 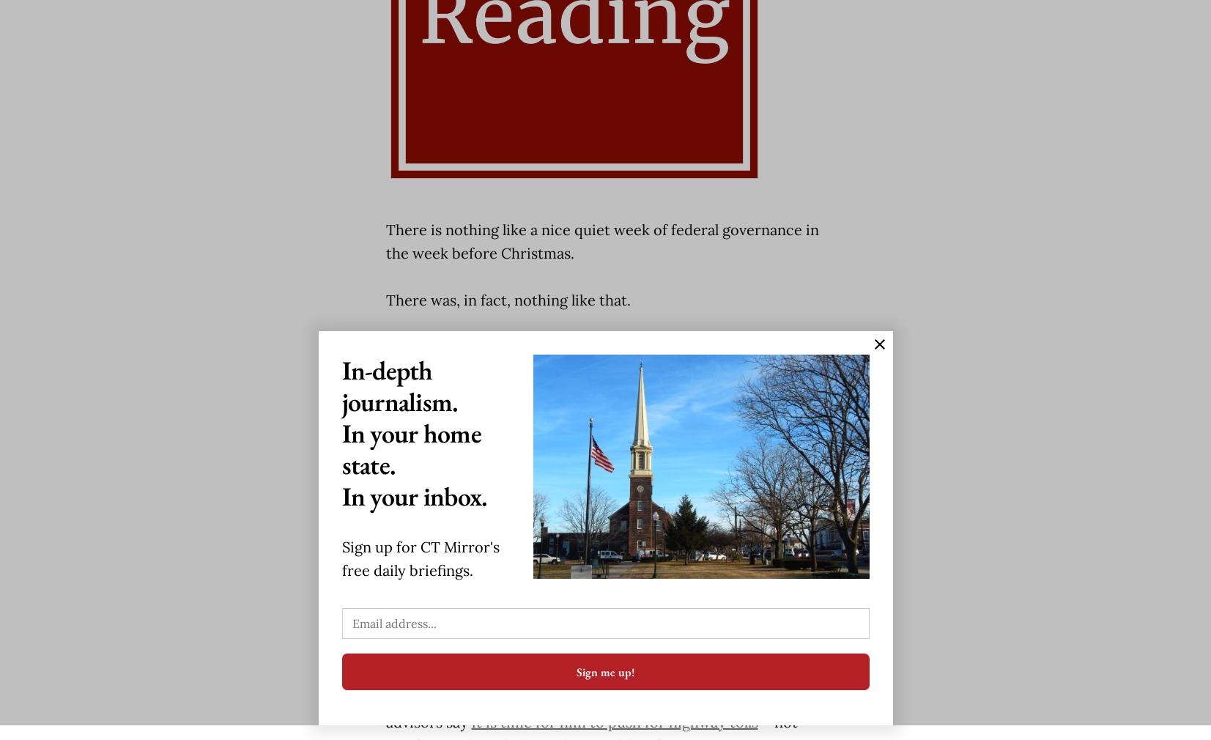 What do you see at coordinates (585, 698) in the screenshot?
I see `'Transportation policy will be a crucial element in Lamont’s effort to improve the state’s economy, and a group of his advisors say'` at bounding box center [585, 698].